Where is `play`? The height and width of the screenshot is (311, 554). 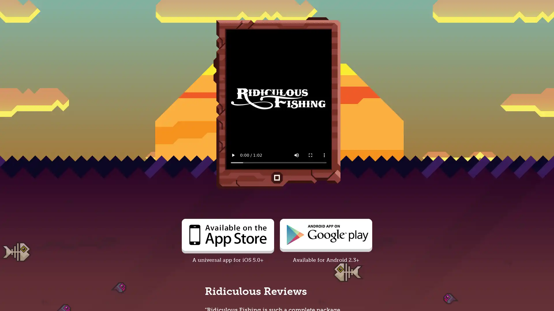 play is located at coordinates (233, 155).